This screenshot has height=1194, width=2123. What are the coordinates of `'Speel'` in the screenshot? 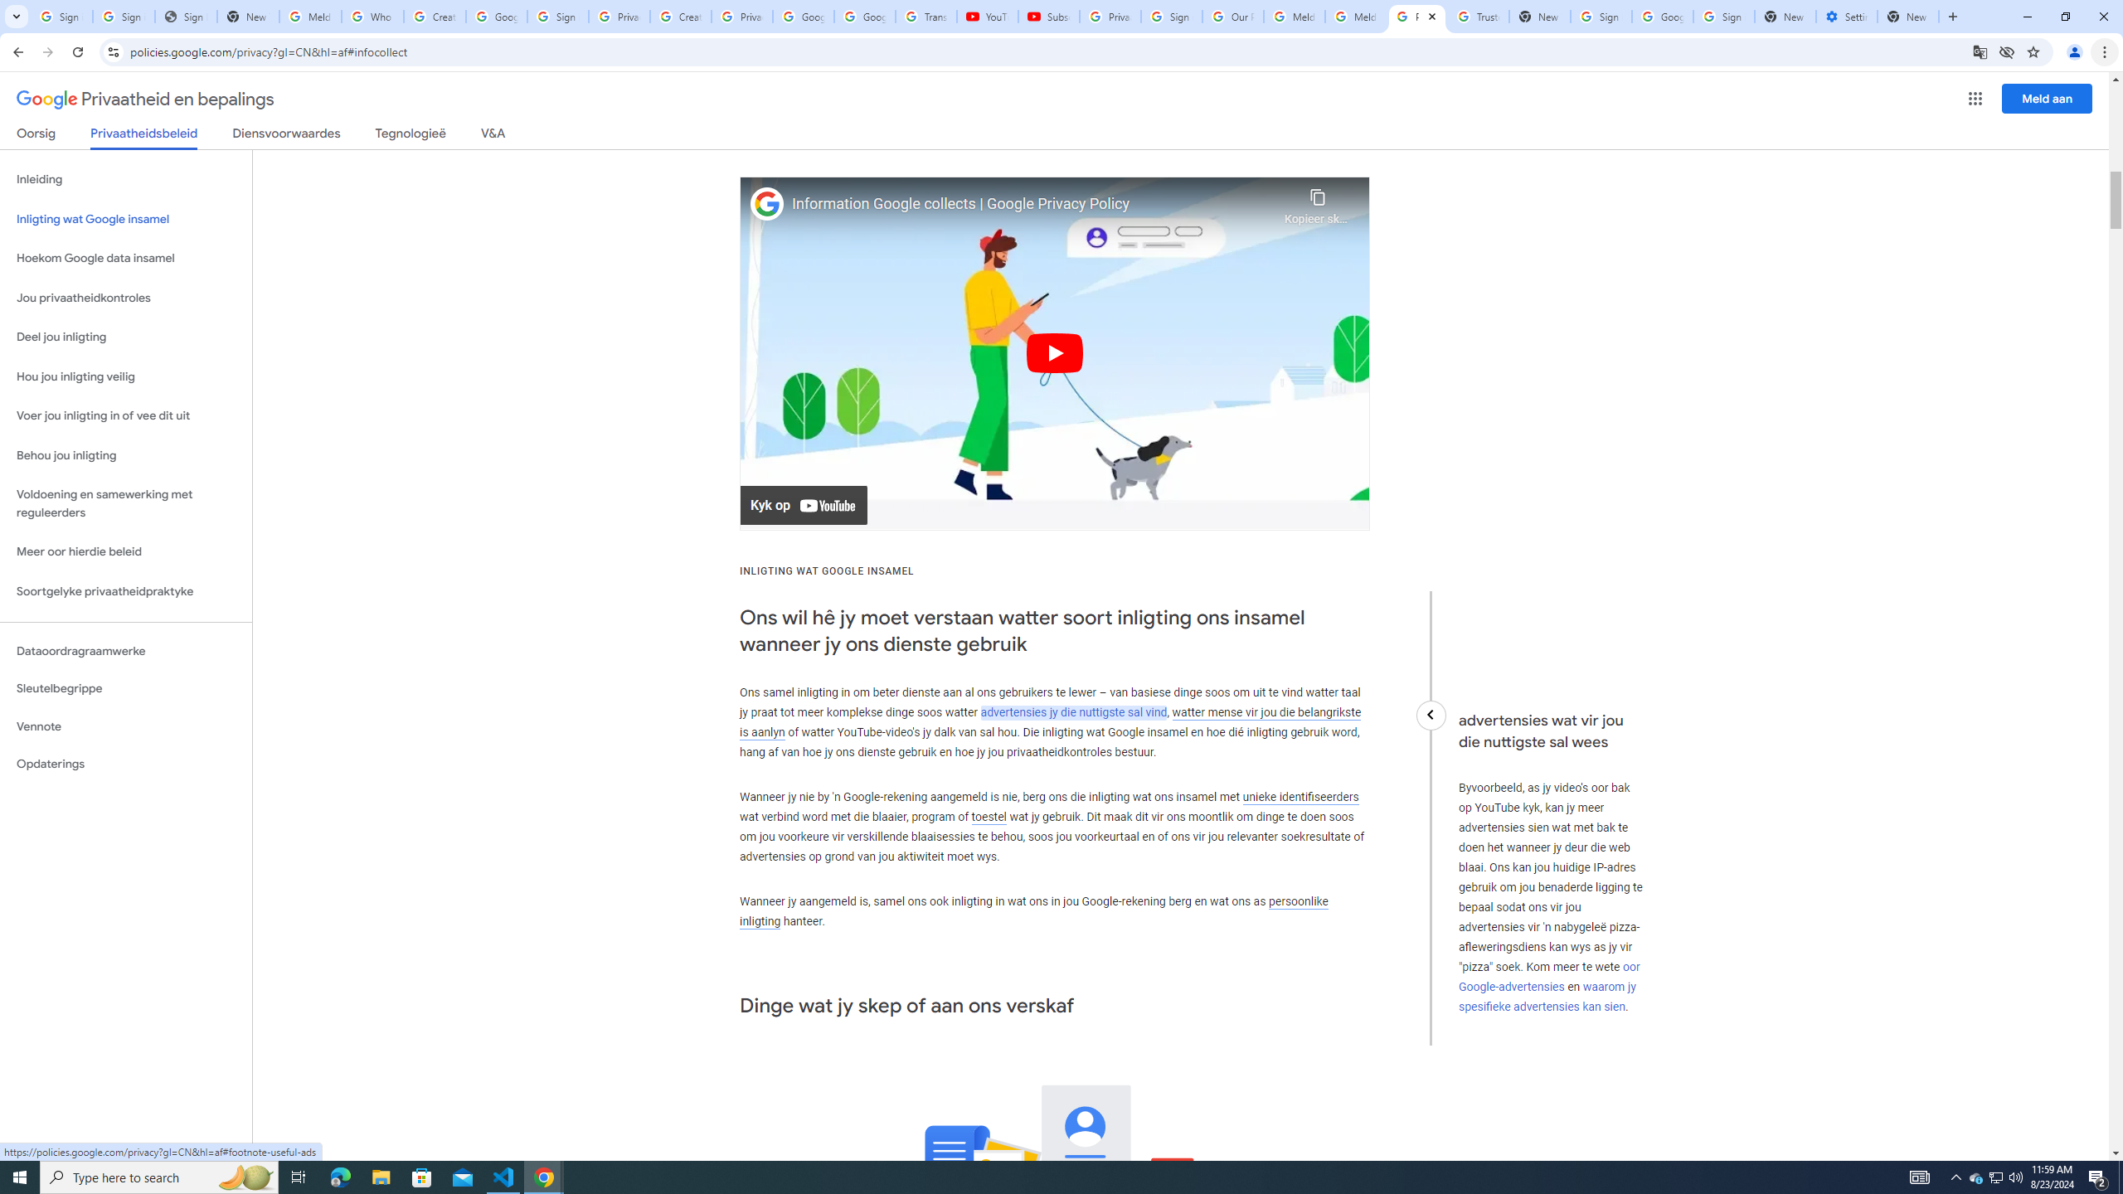 It's located at (1054, 352).